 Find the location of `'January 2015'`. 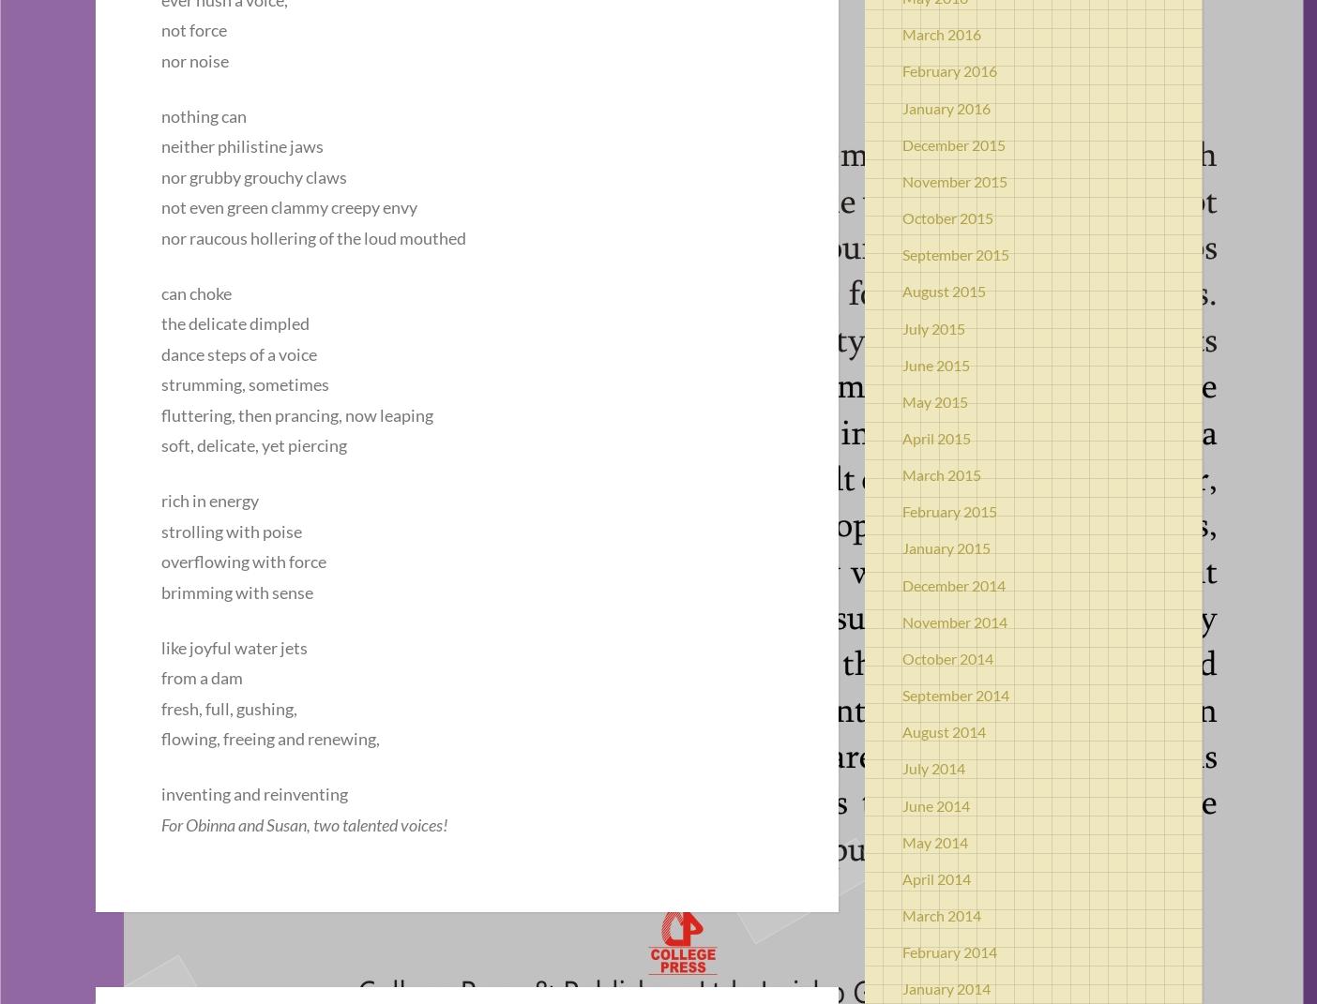

'January 2015' is located at coordinates (946, 547).